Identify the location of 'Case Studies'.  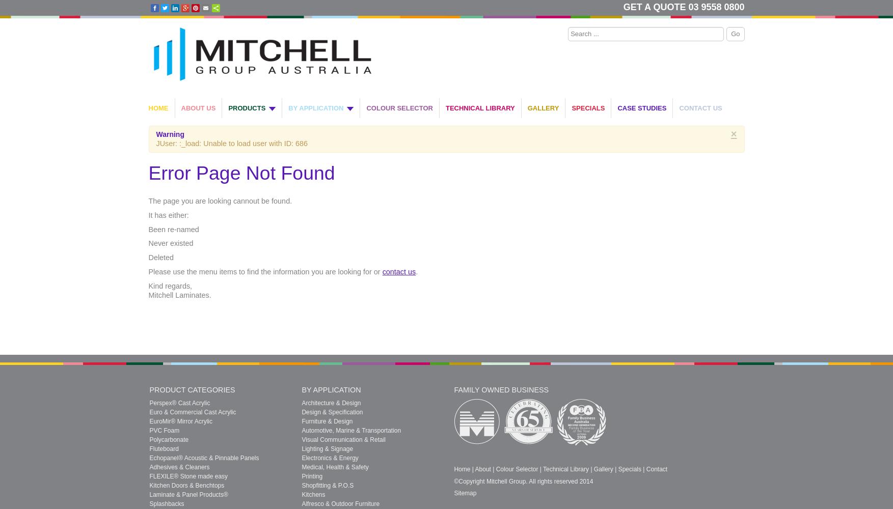
(617, 107).